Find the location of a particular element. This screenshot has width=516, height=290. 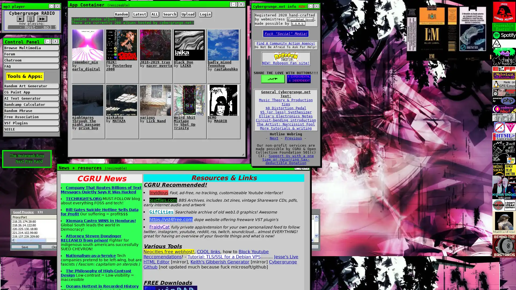

[-] is located at coordinates (311, 6).